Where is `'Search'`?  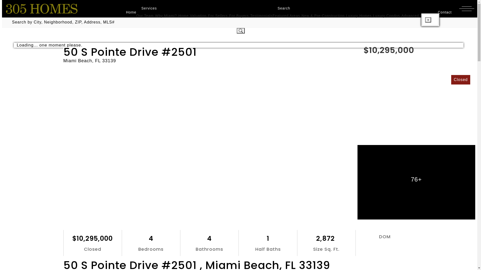 'Search' is located at coordinates (281, 8).